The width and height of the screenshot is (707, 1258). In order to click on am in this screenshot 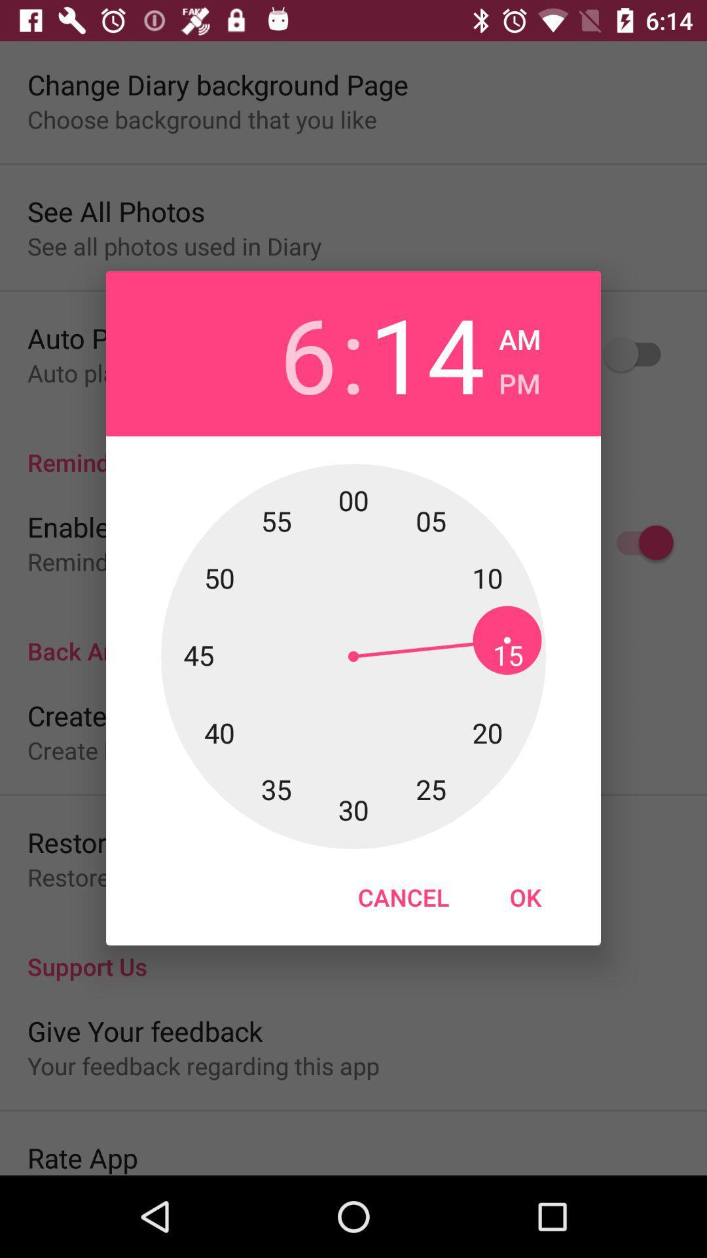, I will do `click(519, 335)`.